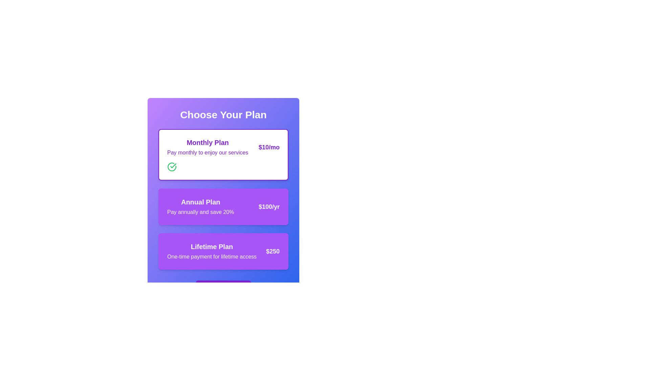 The image size is (650, 365). What do you see at coordinates (223, 251) in the screenshot?
I see `the 'Lifetime Plan' text block, which is the last option in the pricing plans list, featuring a bold white text on a purple background` at bounding box center [223, 251].